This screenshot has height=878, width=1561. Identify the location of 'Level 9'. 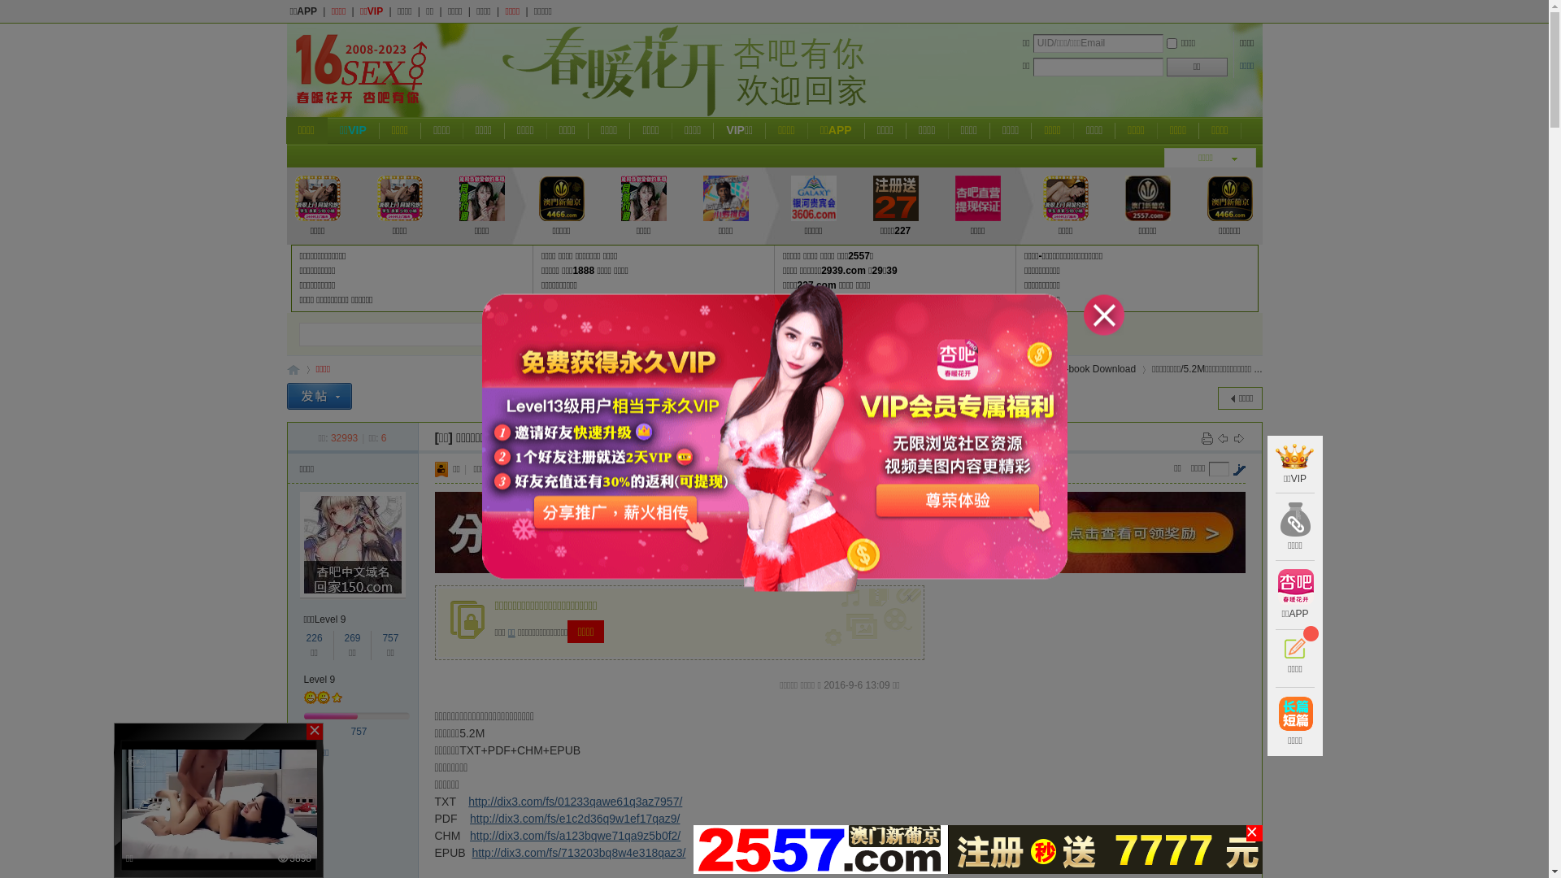
(320, 680).